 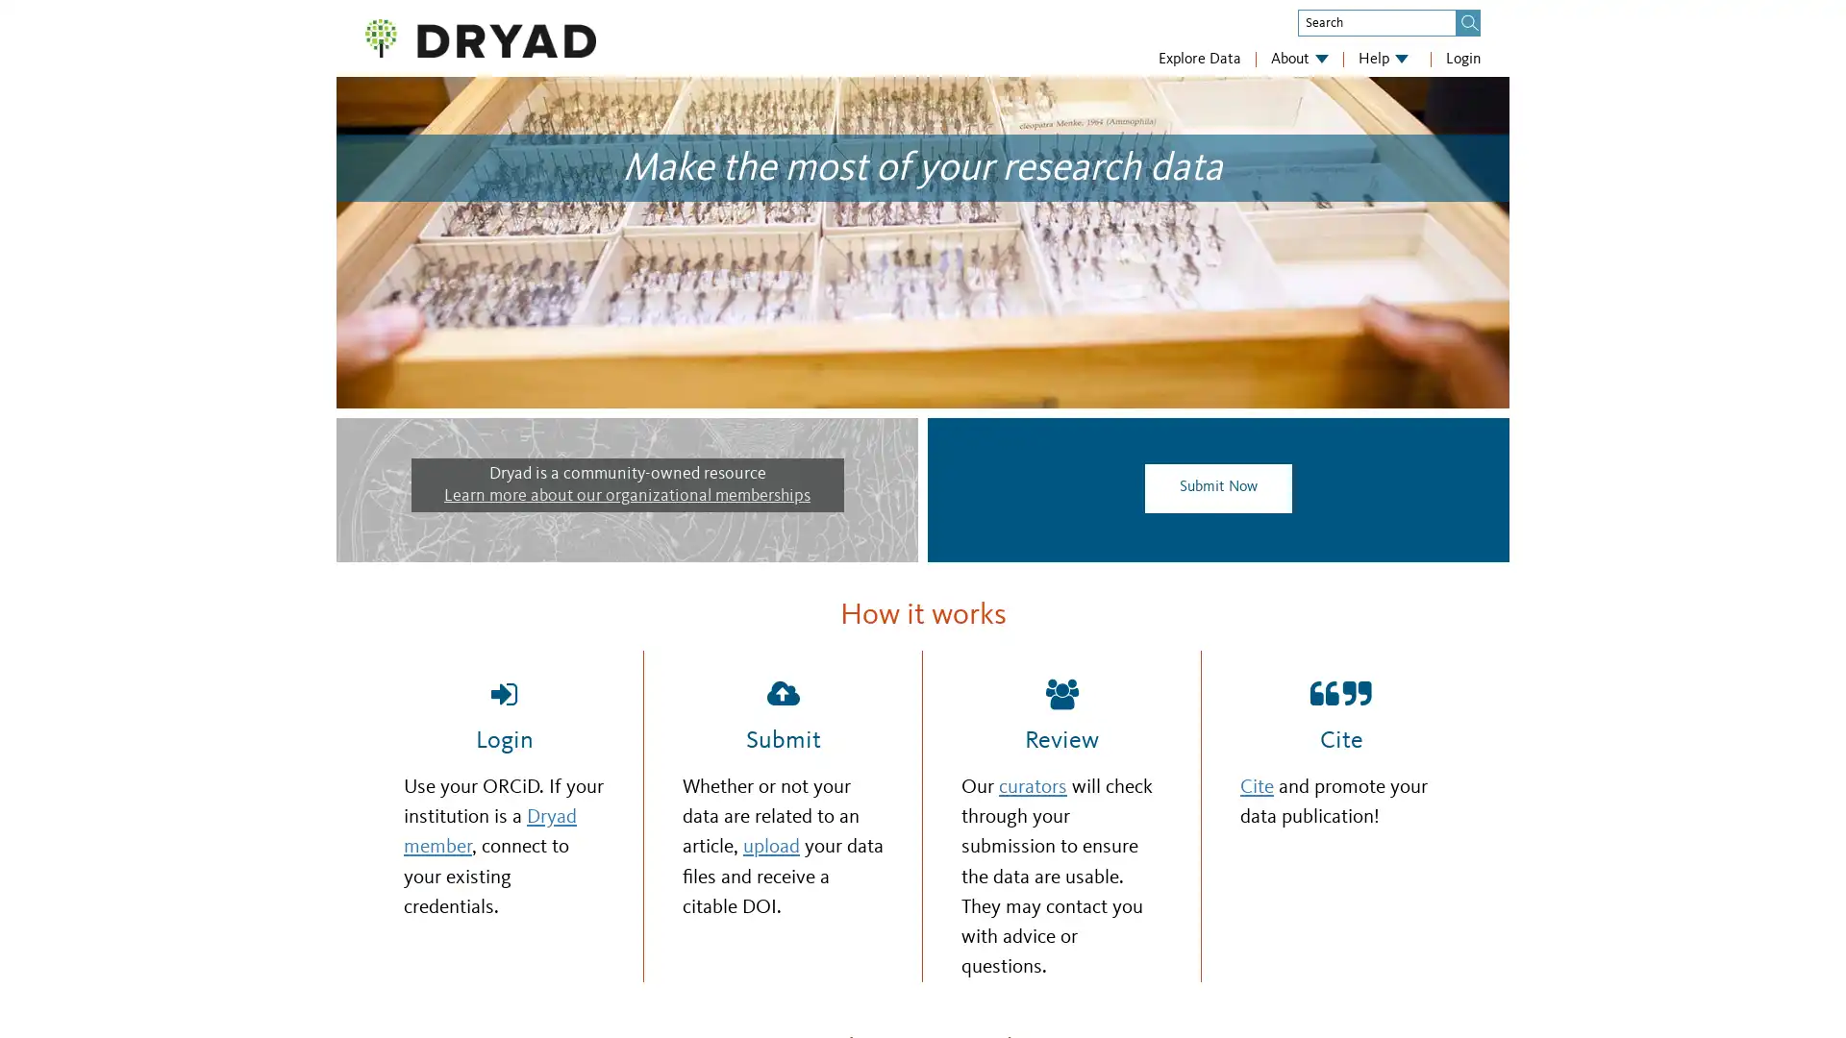 What do you see at coordinates (1217, 486) in the screenshot?
I see `Submit Now` at bounding box center [1217, 486].